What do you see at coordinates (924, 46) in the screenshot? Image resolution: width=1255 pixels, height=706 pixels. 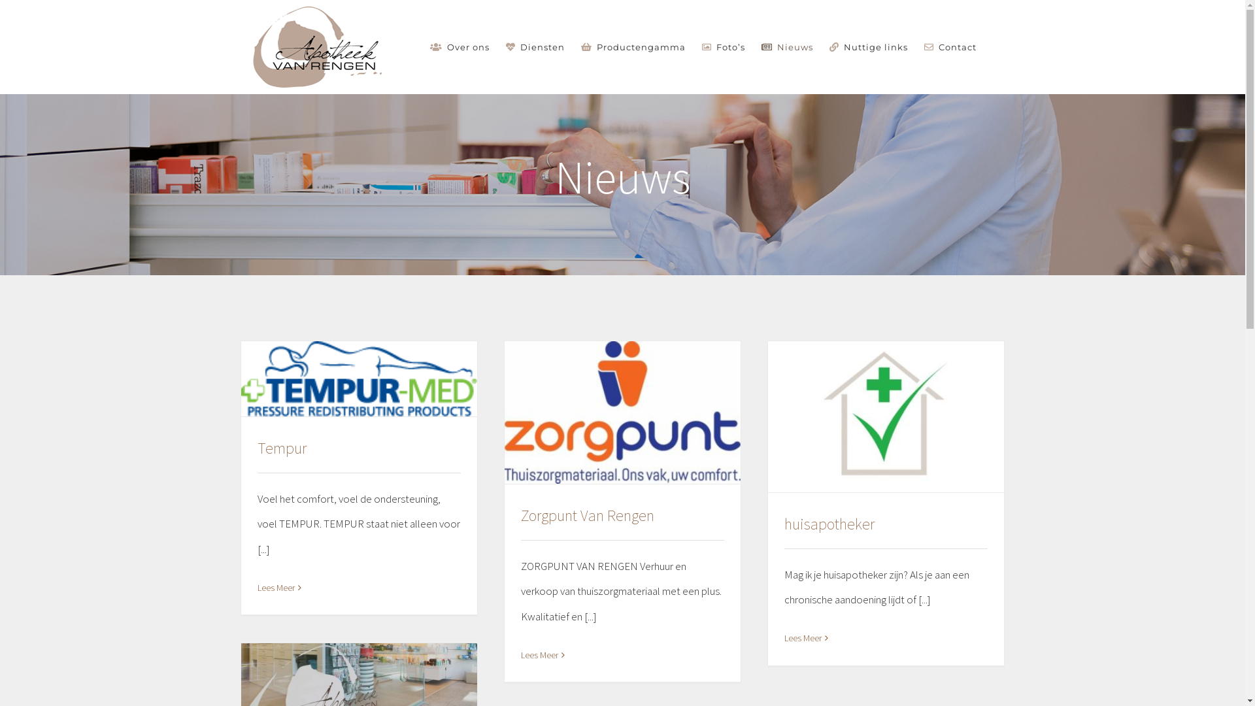 I see `'Contact'` at bounding box center [924, 46].